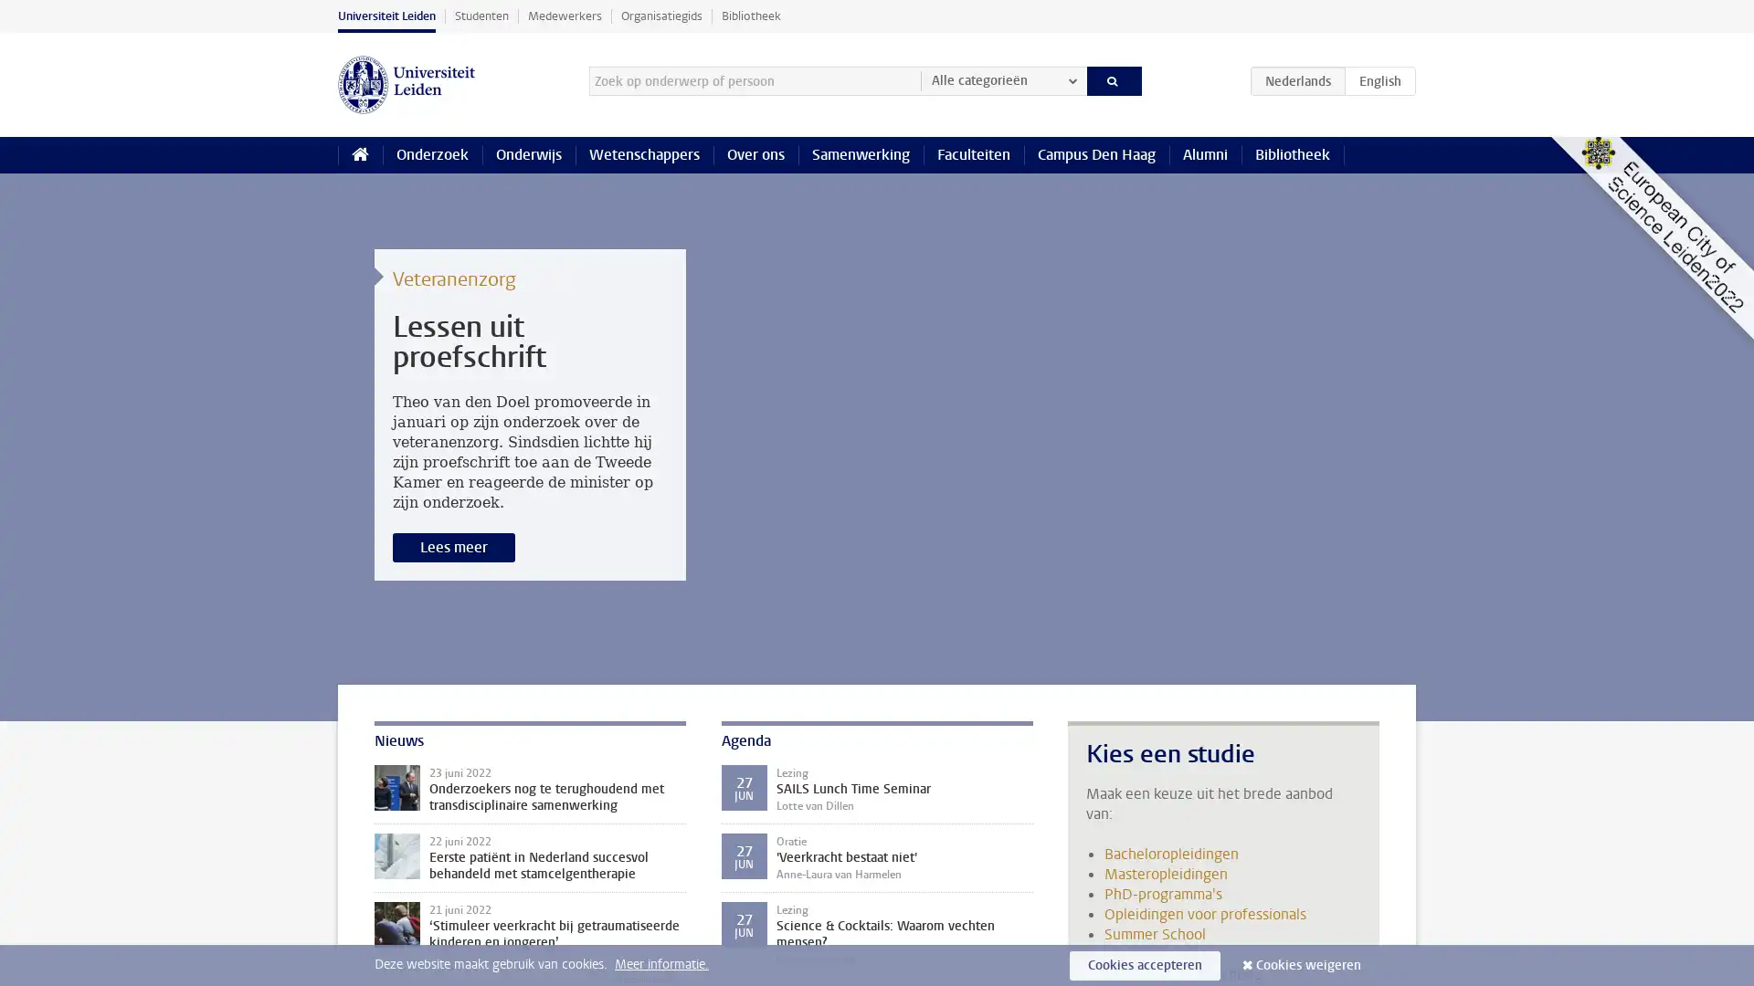  Describe the element at coordinates (1144, 964) in the screenshot. I see `Cookies accepteren` at that location.